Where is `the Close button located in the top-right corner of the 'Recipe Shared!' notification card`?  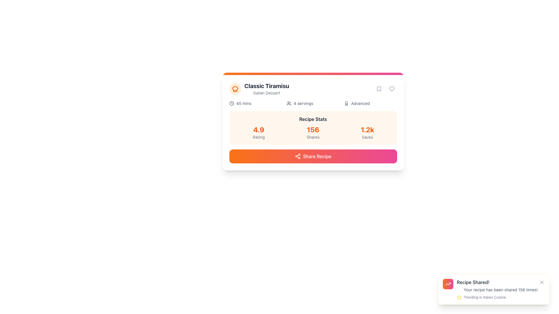
the Close button located in the top-right corner of the 'Recipe Shared!' notification card is located at coordinates (542, 282).